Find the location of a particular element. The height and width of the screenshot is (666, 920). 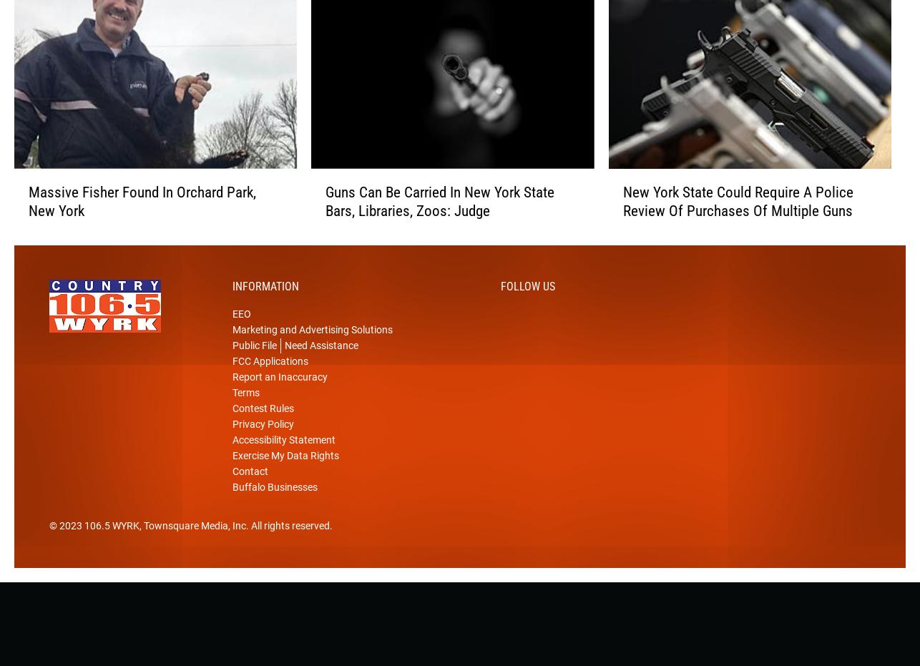

'FCC Applications' is located at coordinates (269, 383).